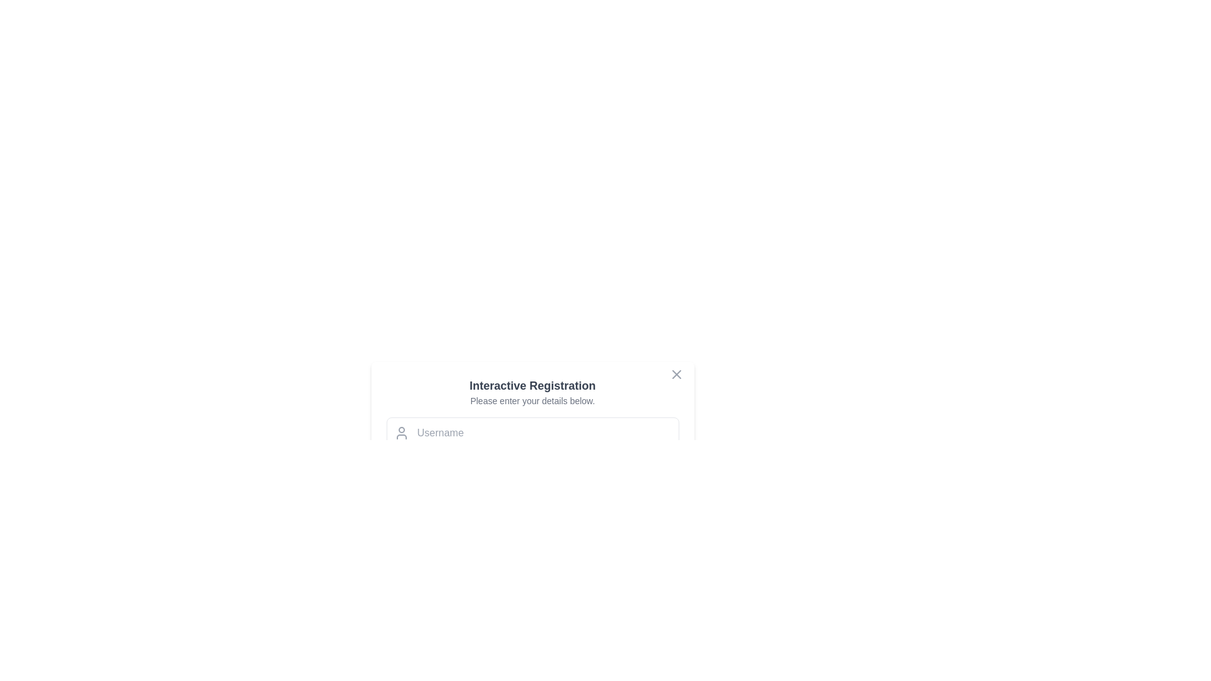  I want to click on the SVG icon that visually identifies the username input field, located on the left side inside the input field, so click(401, 432).